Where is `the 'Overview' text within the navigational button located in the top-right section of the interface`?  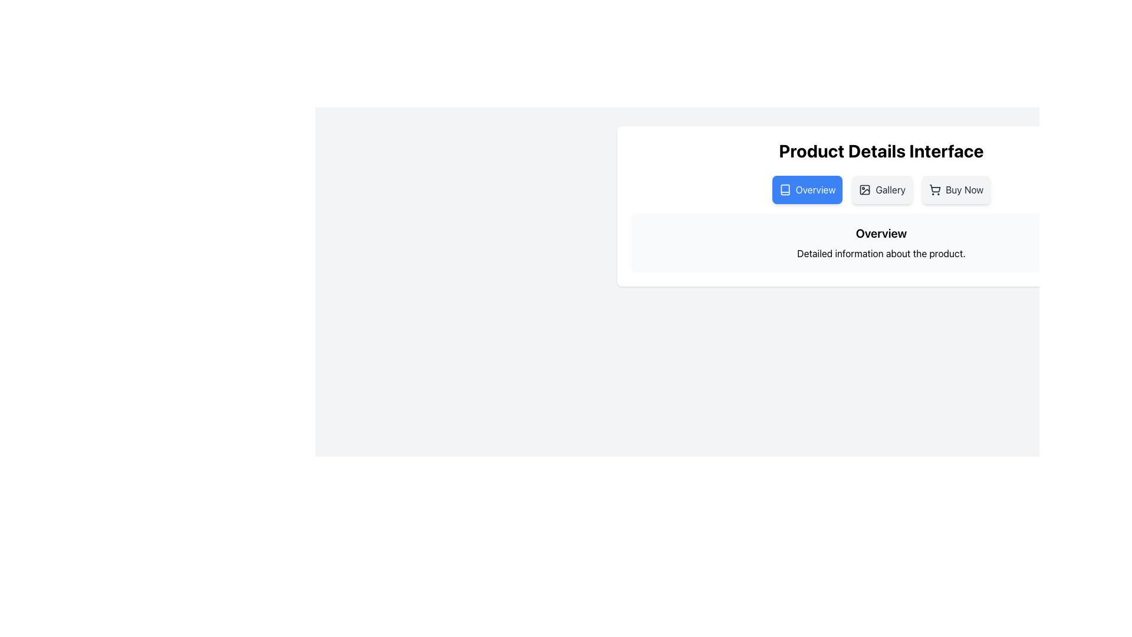
the 'Overview' text within the navigational button located in the top-right section of the interface is located at coordinates (815, 189).